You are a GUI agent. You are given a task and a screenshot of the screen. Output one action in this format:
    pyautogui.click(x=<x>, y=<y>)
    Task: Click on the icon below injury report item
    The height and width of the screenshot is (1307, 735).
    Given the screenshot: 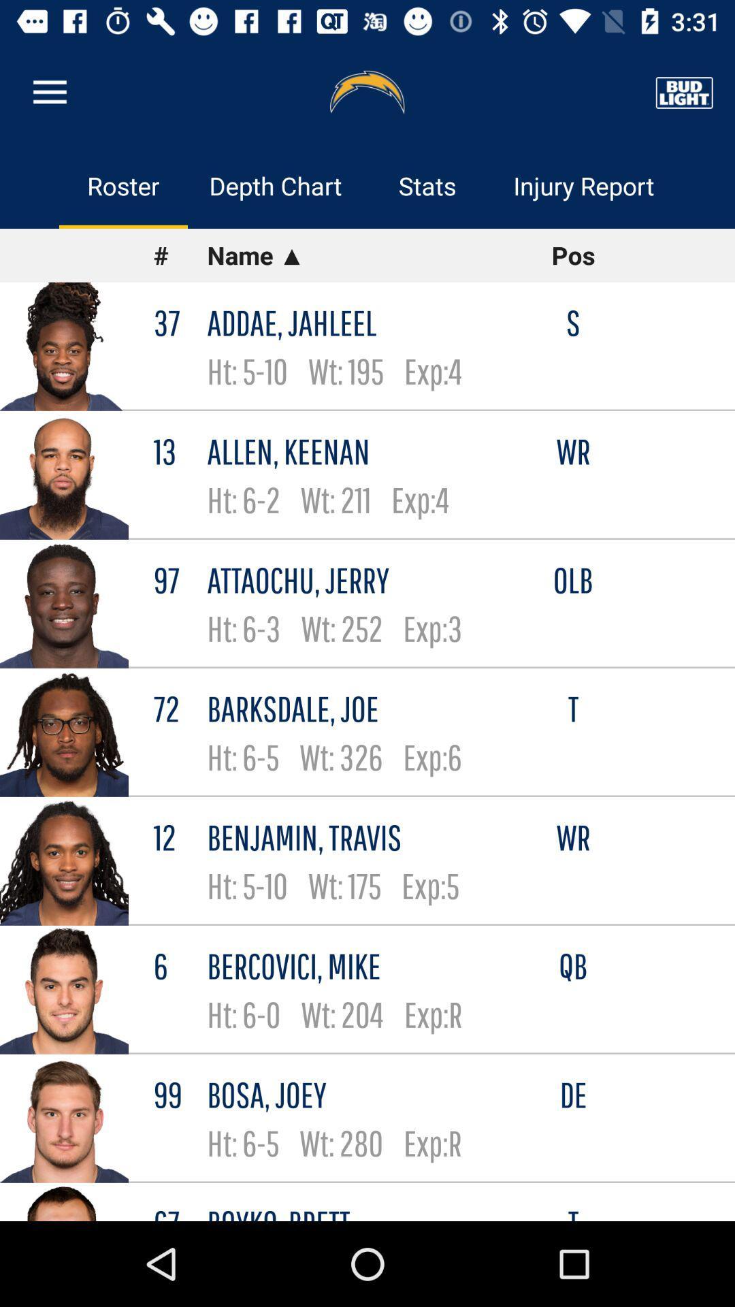 What is the action you would take?
    pyautogui.click(x=573, y=255)
    